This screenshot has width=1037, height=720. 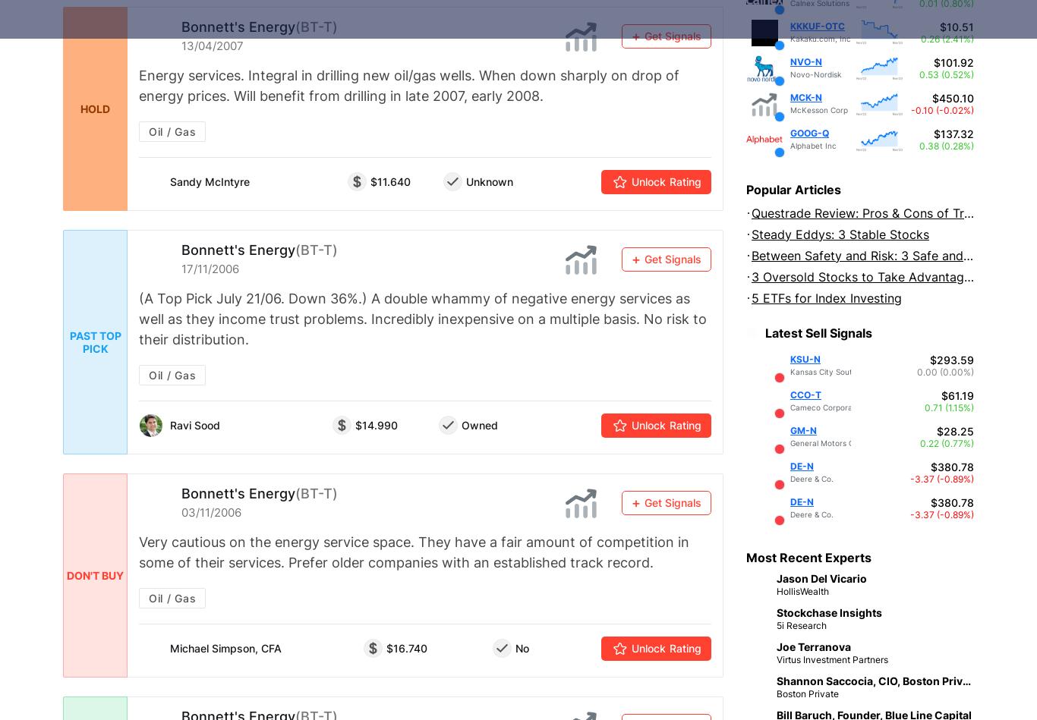 I want to click on '17/11/2006', so click(x=181, y=269).